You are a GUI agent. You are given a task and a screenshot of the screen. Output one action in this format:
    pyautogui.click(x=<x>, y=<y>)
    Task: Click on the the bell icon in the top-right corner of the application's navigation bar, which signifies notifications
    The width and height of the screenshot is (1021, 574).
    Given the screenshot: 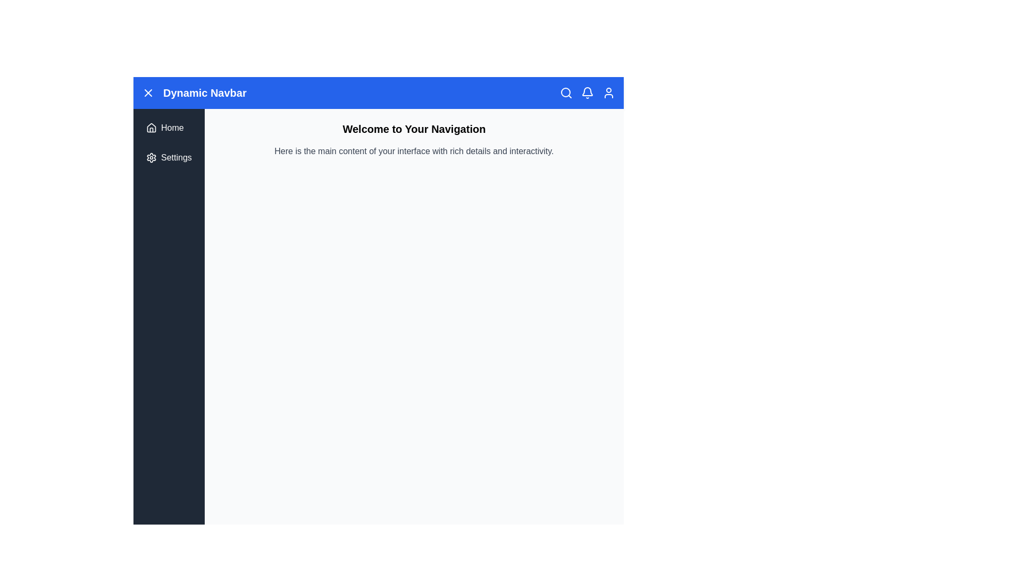 What is the action you would take?
    pyautogui.click(x=587, y=91)
    